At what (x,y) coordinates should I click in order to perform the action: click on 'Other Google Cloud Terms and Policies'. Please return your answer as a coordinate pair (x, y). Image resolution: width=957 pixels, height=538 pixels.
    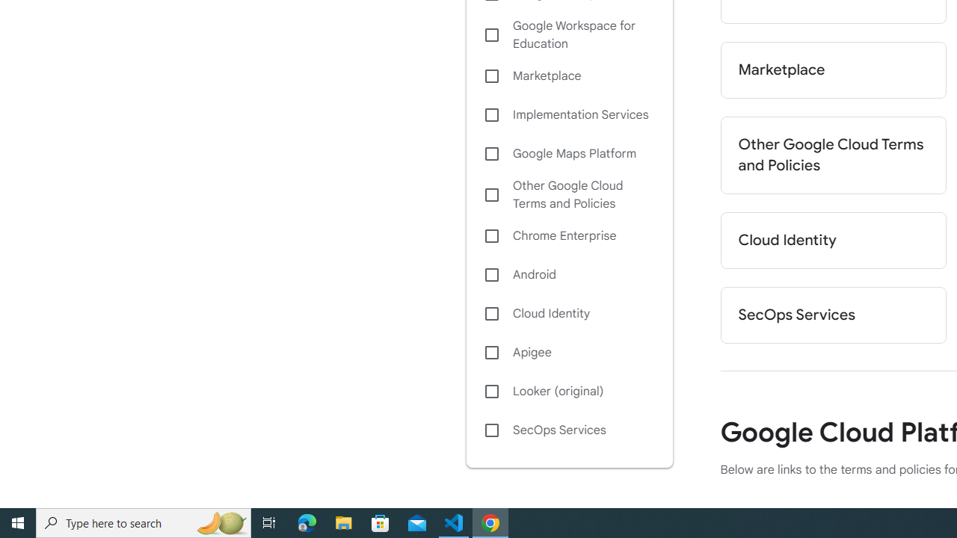
    Looking at the image, I should click on (568, 194).